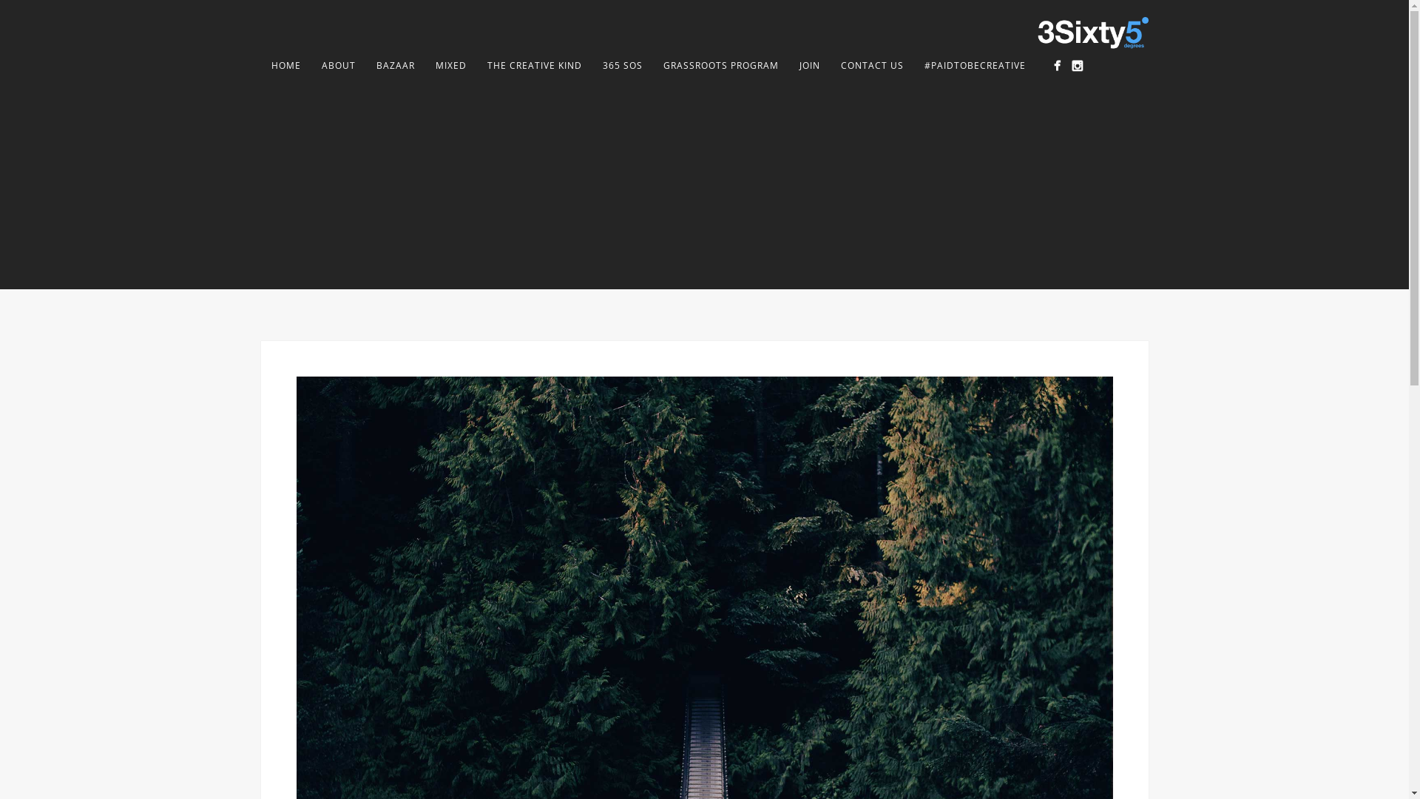 Image resolution: width=1420 pixels, height=799 pixels. What do you see at coordinates (394, 64) in the screenshot?
I see `'BAZAAR'` at bounding box center [394, 64].